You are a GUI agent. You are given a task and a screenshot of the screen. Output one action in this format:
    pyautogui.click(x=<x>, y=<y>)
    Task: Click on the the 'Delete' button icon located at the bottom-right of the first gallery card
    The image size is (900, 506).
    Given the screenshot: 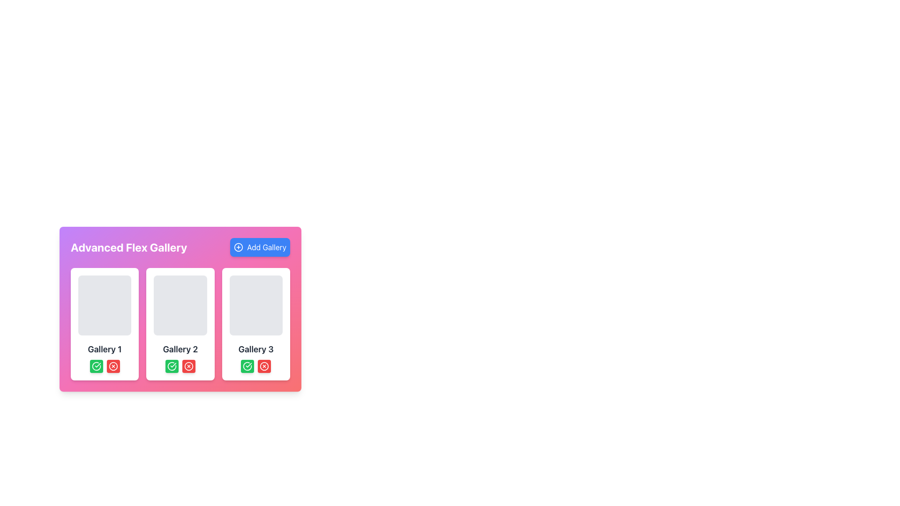 What is the action you would take?
    pyautogui.click(x=112, y=366)
    